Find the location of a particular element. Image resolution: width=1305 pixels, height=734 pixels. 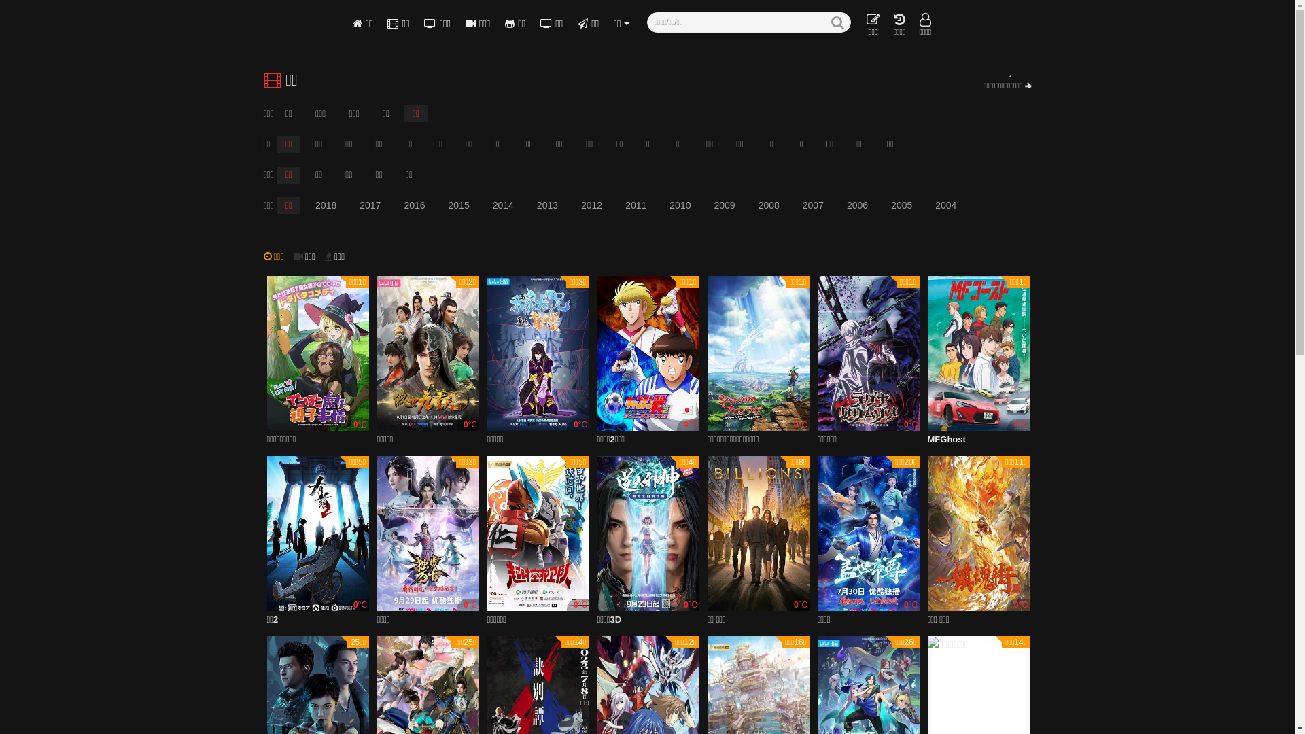

'2013' is located at coordinates (547, 205).